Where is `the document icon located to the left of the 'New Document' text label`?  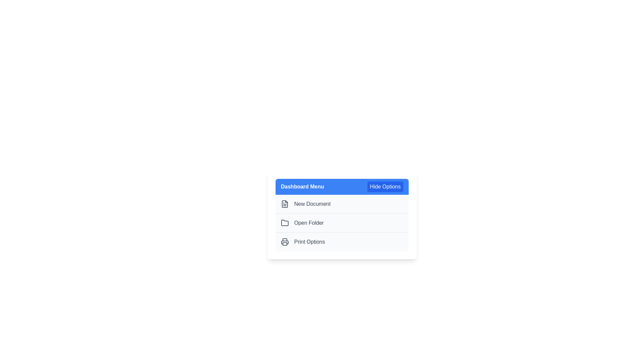 the document icon located to the left of the 'New Document' text label is located at coordinates (285, 203).